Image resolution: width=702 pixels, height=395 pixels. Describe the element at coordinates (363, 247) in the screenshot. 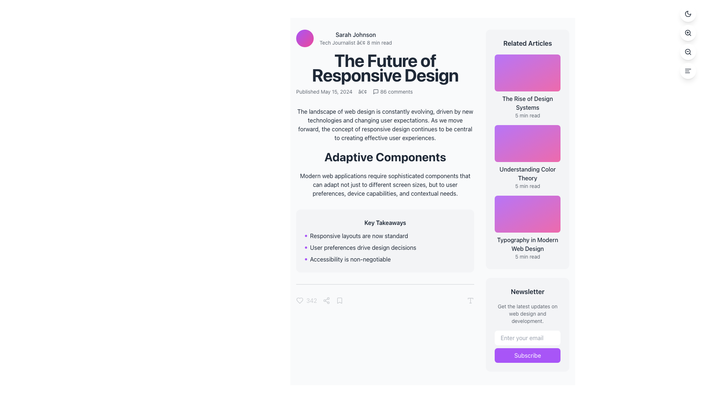

I see `the second bullet point in the 'Key Takeaways' section, which informs about the importance of user preferences in design decisions, for accessibility interactions` at that location.